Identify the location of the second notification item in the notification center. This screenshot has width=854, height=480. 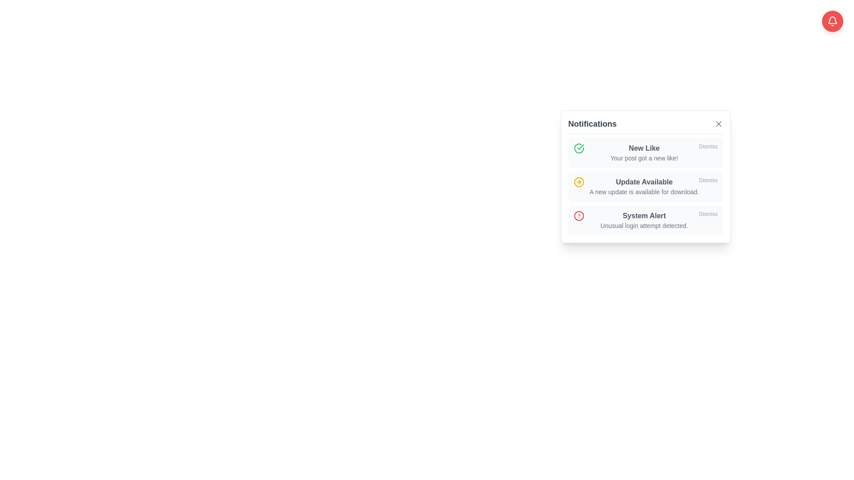
(644, 186).